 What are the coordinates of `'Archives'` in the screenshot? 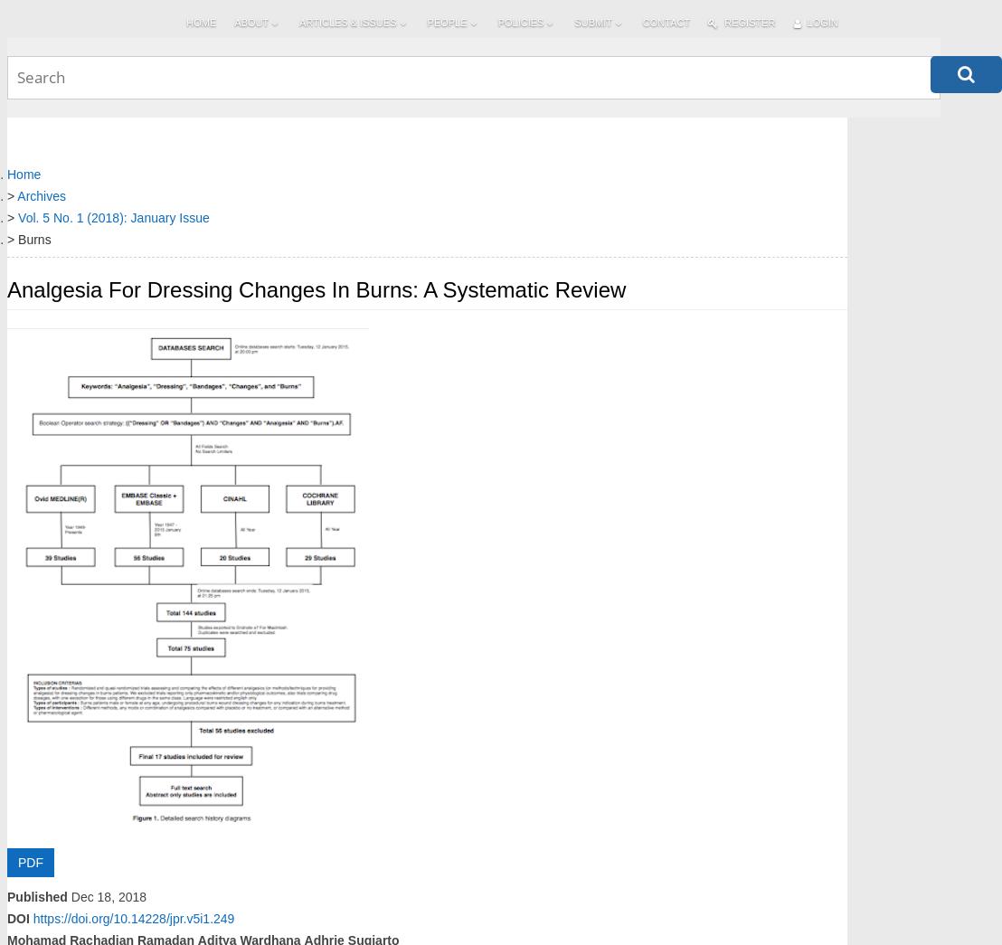 It's located at (16, 195).